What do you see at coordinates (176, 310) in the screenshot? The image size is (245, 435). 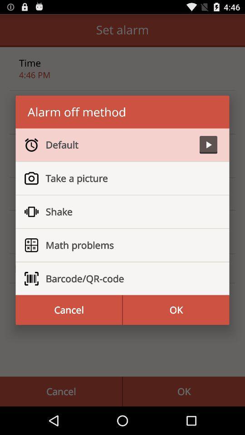 I see `the item at the bottom right corner` at bounding box center [176, 310].